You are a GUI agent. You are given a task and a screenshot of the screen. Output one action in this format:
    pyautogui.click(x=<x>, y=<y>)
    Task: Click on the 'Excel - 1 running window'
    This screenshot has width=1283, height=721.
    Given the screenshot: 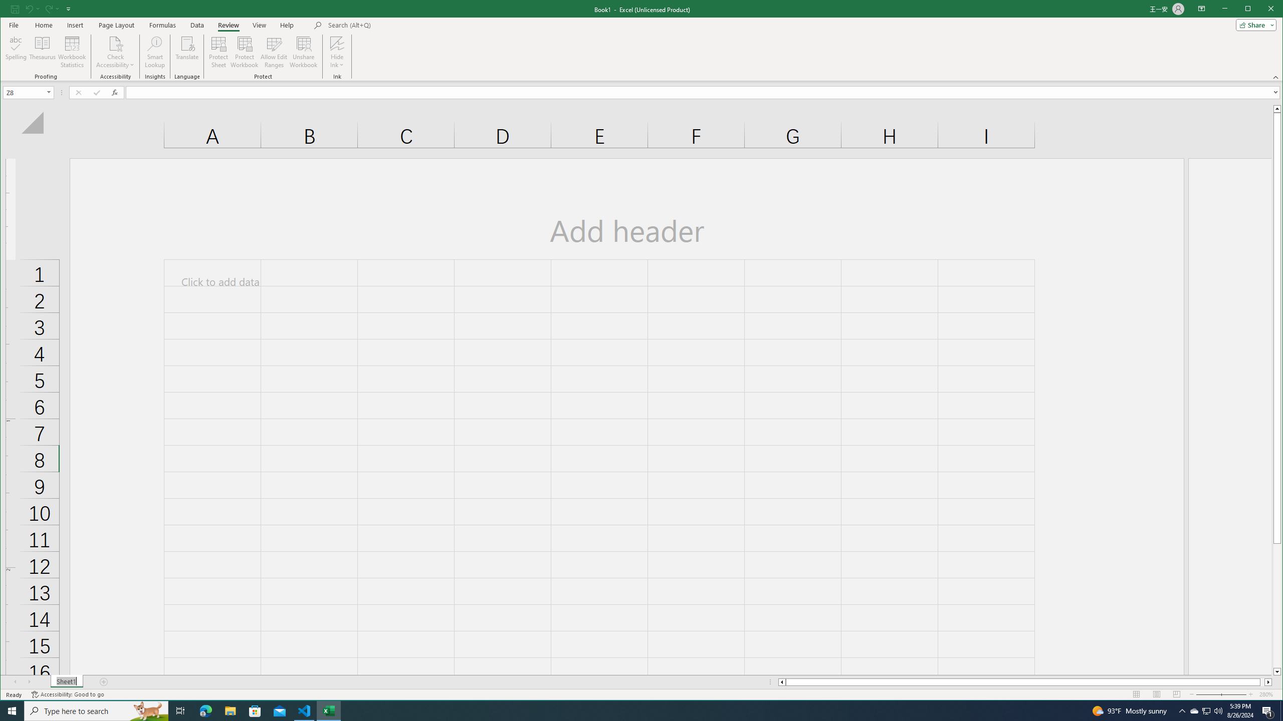 What is the action you would take?
    pyautogui.click(x=329, y=710)
    